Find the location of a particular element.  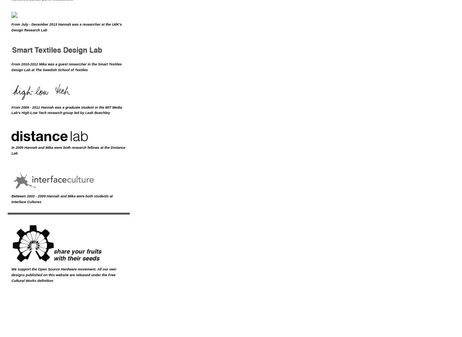

'Design Research Lab' is located at coordinates (29, 29).